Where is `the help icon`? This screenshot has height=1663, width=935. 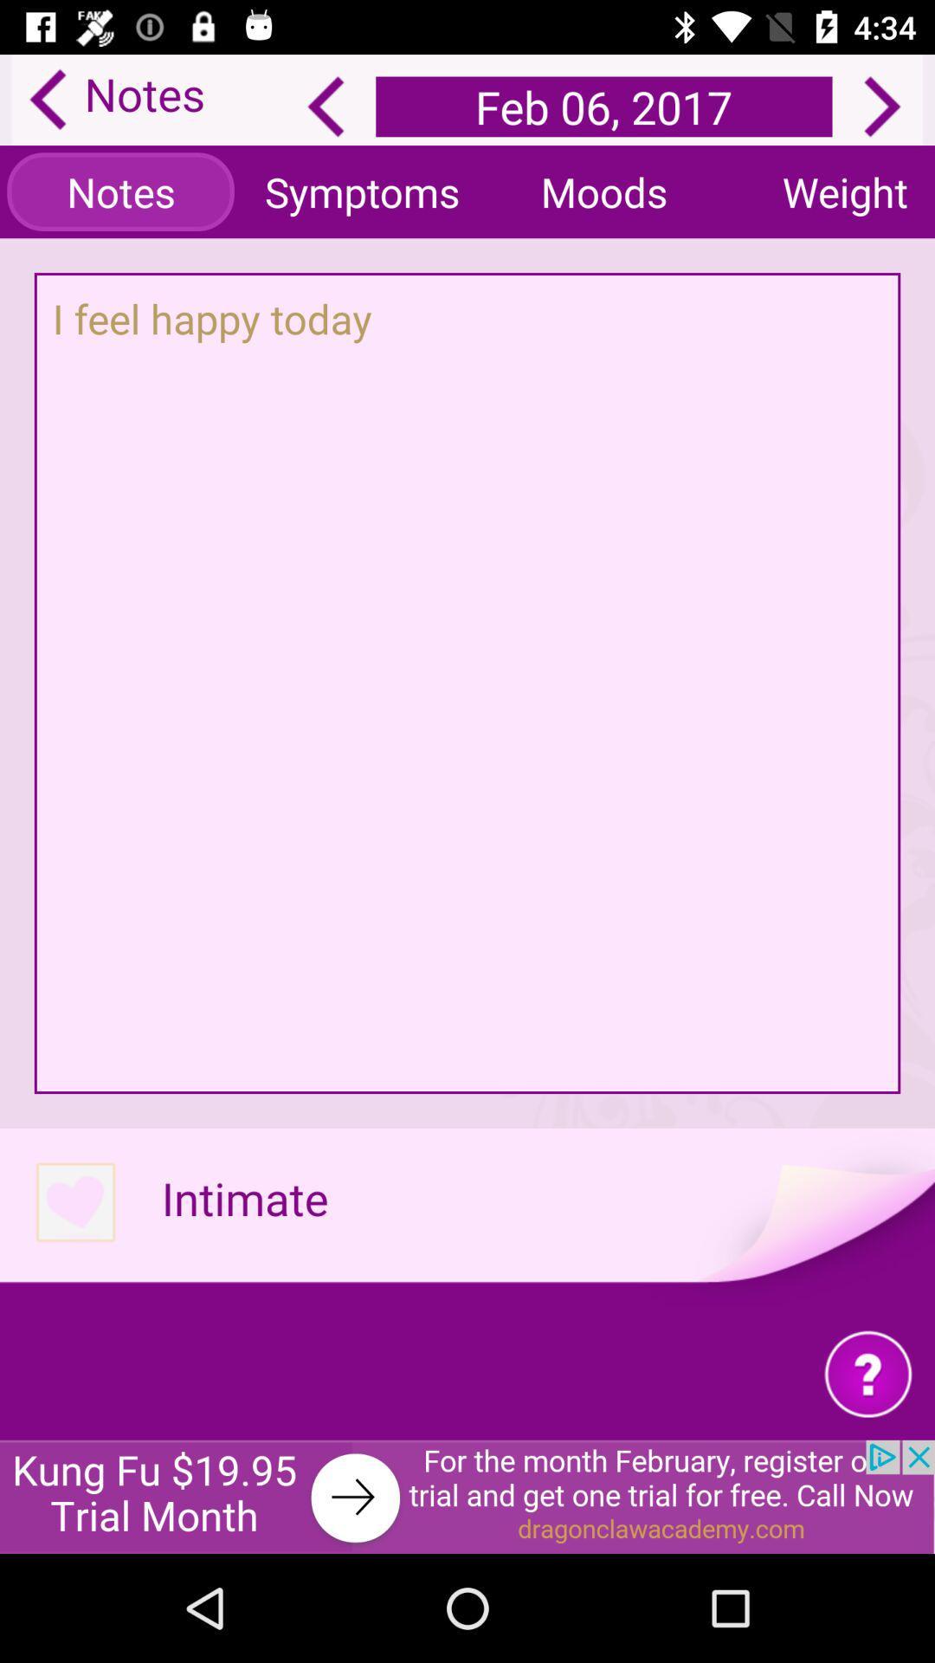 the help icon is located at coordinates (868, 1372).